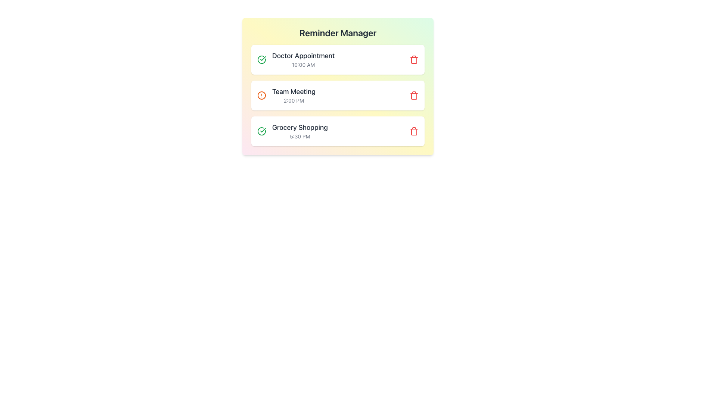 The image size is (717, 403). What do you see at coordinates (300, 131) in the screenshot?
I see `'Grocery Shopping' reminder text displayed in a bold dark gray font along with the time '5:30 PM' in a smaller light gray font, located in the third reminder entry of the list` at bounding box center [300, 131].